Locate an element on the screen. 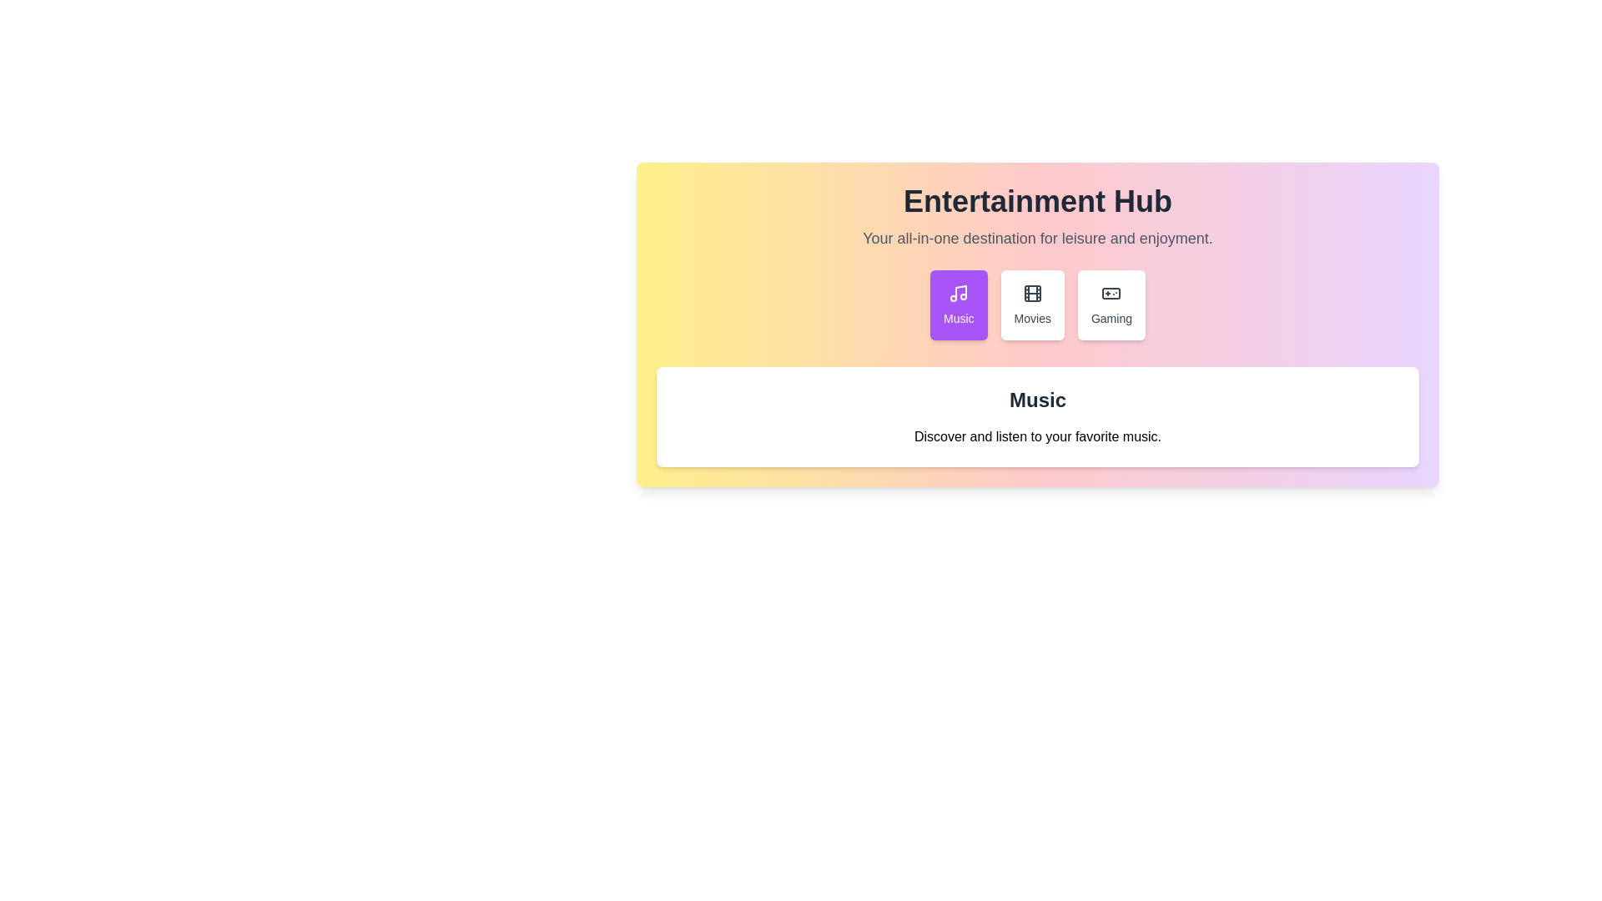 The width and height of the screenshot is (1602, 901). the gamepad icon element, which is part of the category selection under 'Entertainment Hub', located to the right of the 'Gaming' button is located at coordinates (1111, 292).